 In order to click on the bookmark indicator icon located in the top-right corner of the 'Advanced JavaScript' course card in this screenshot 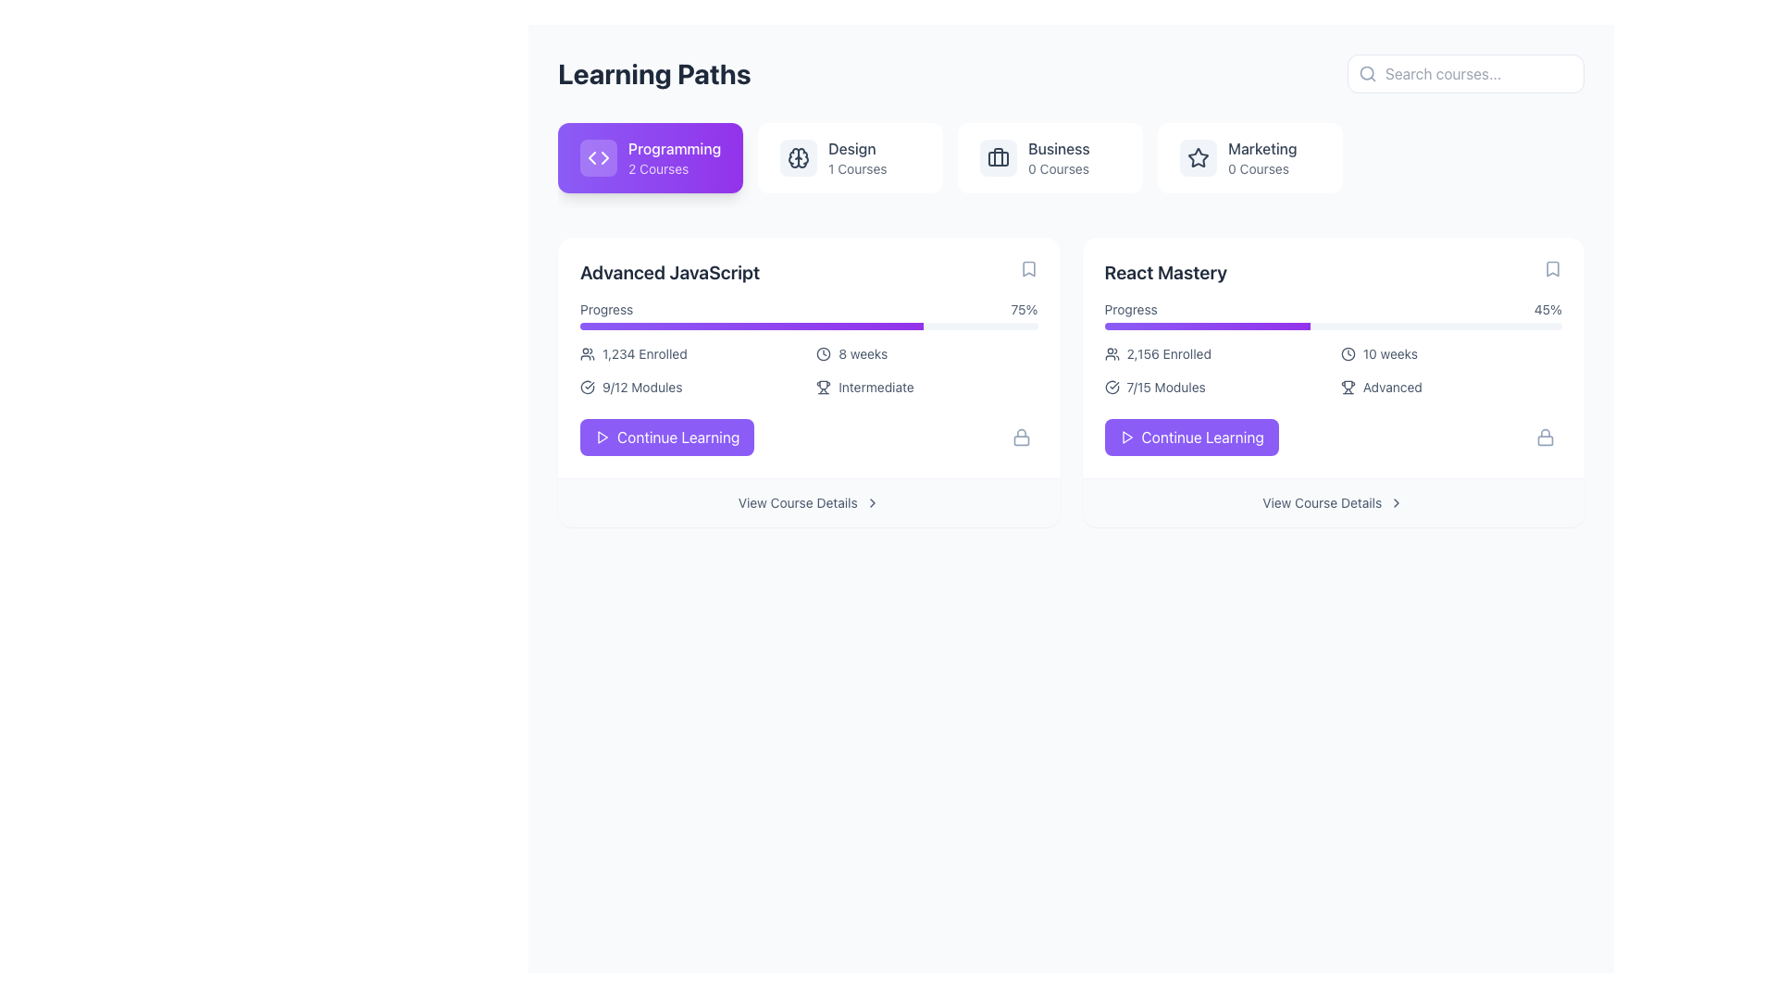, I will do `click(1027, 268)`.